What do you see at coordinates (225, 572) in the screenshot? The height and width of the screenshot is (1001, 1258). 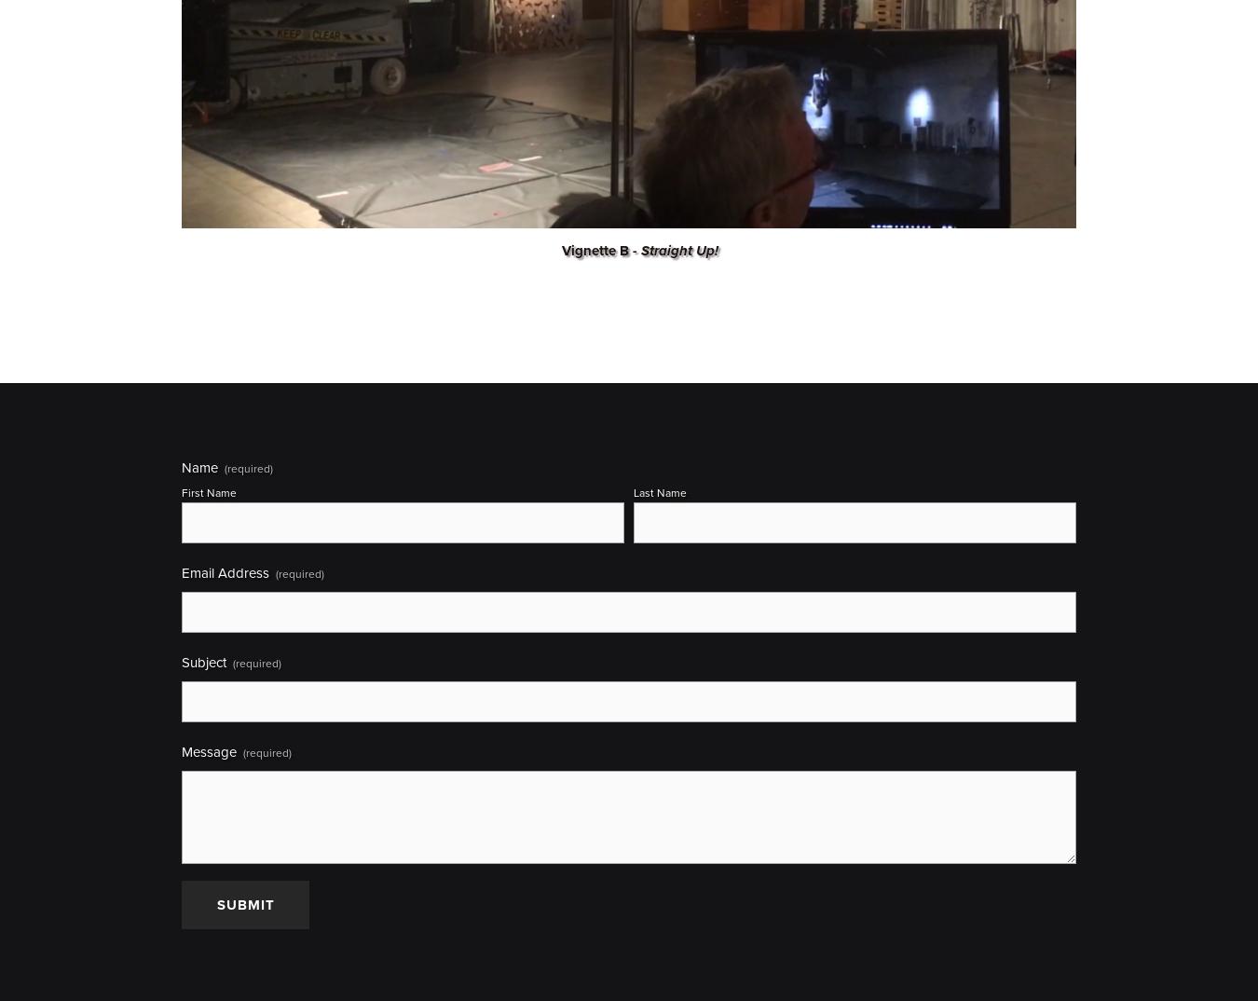 I see `'Email Address'` at bounding box center [225, 572].